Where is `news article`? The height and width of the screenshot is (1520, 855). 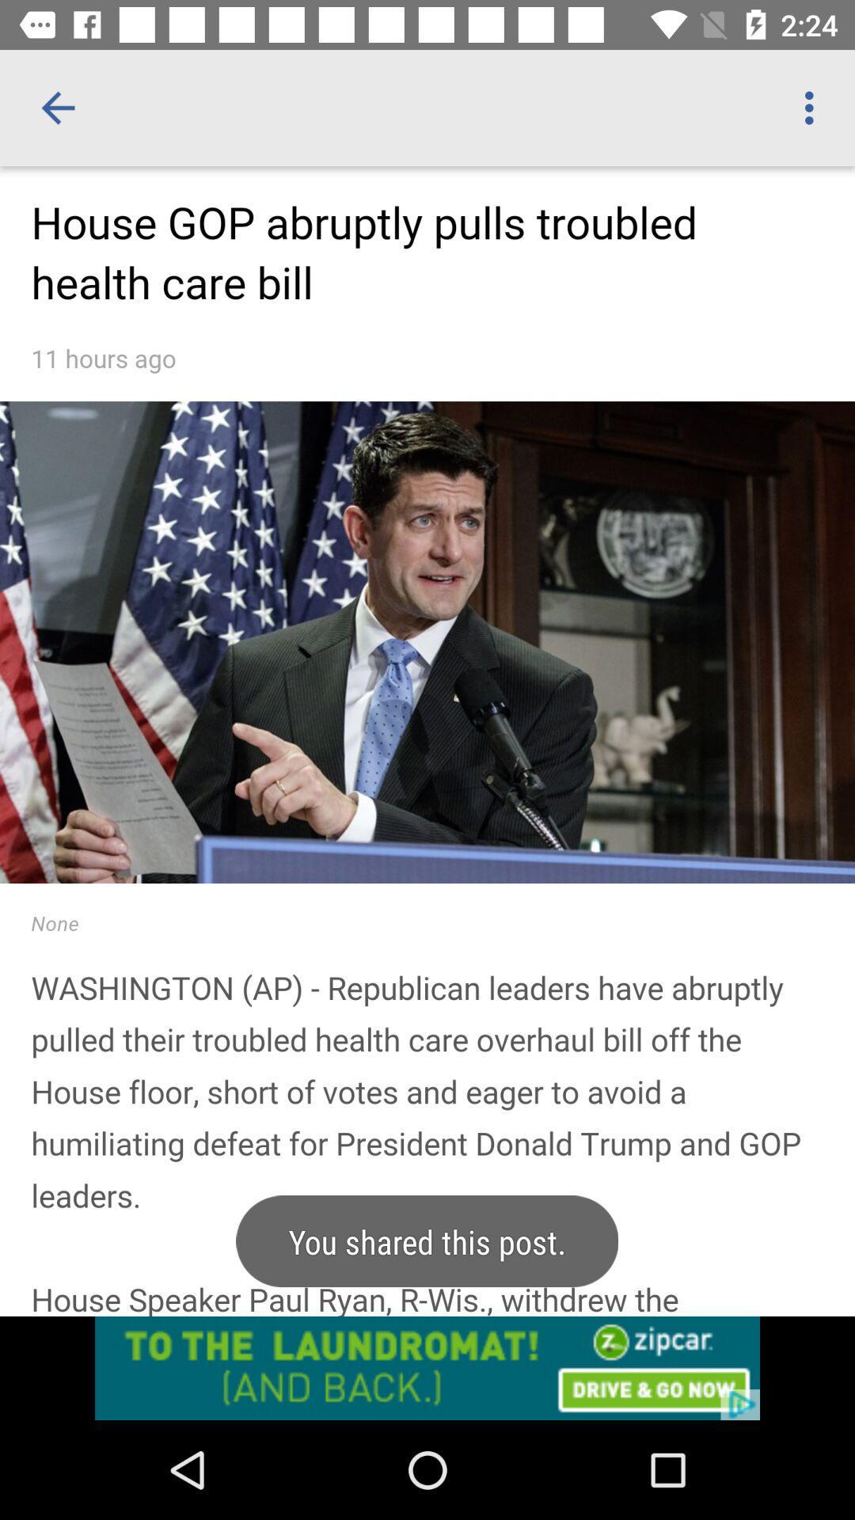
news article is located at coordinates (427, 793).